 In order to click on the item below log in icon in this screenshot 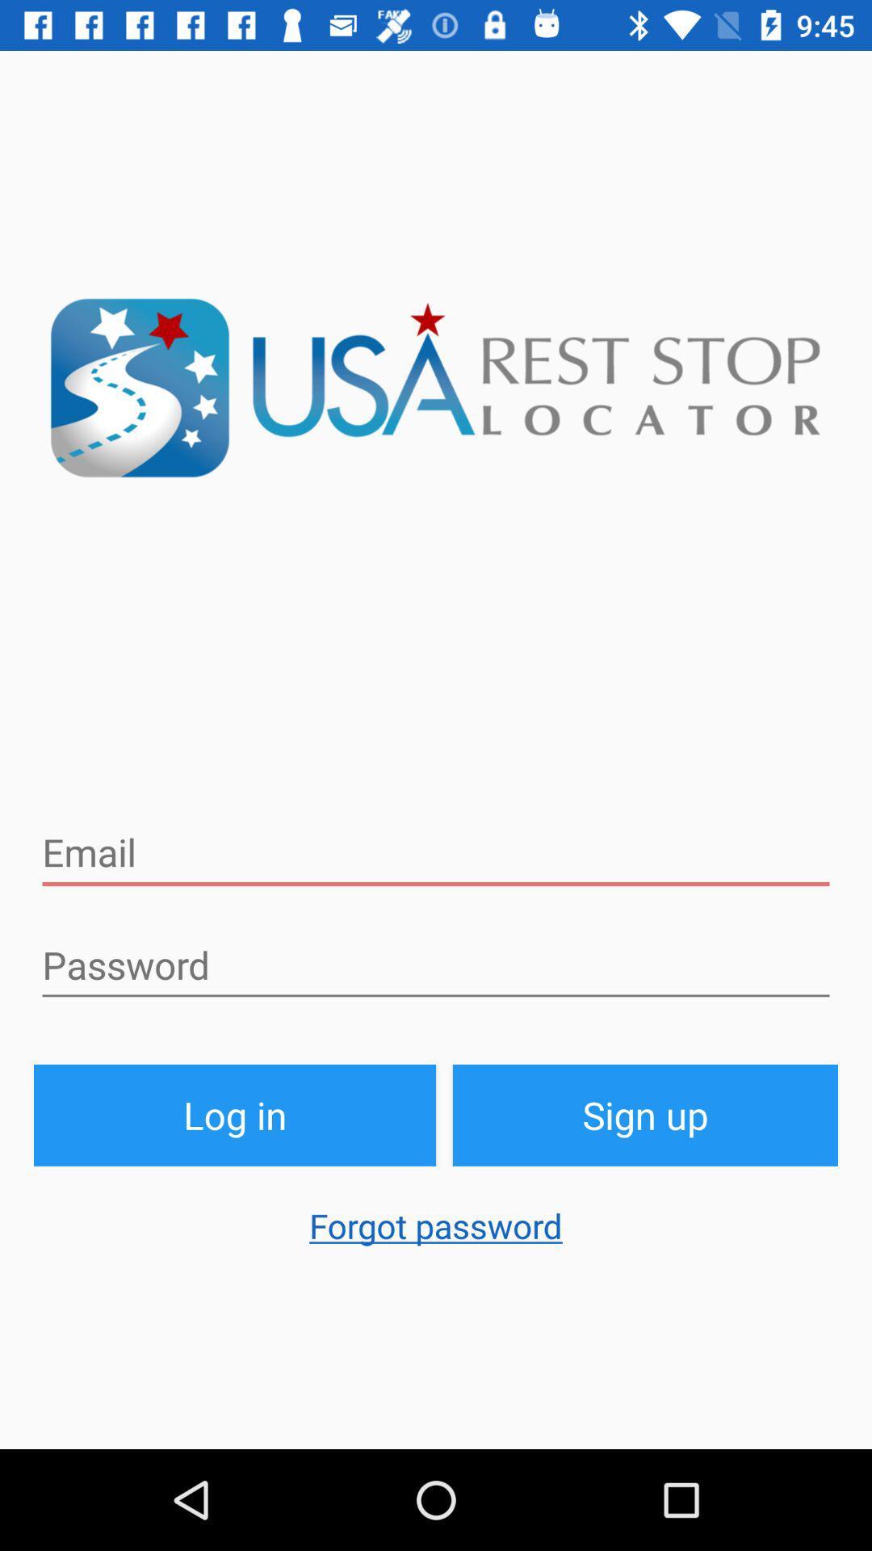, I will do `click(436, 1233)`.